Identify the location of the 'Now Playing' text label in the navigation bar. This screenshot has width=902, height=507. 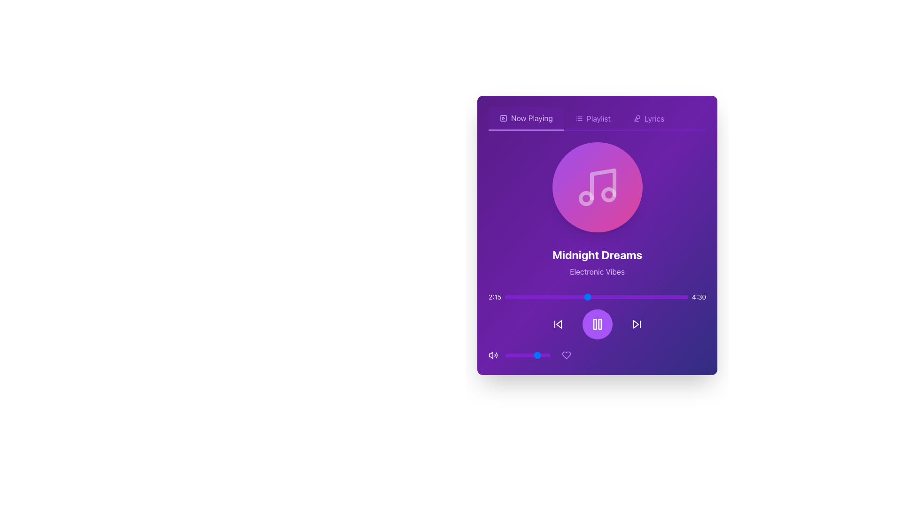
(532, 117).